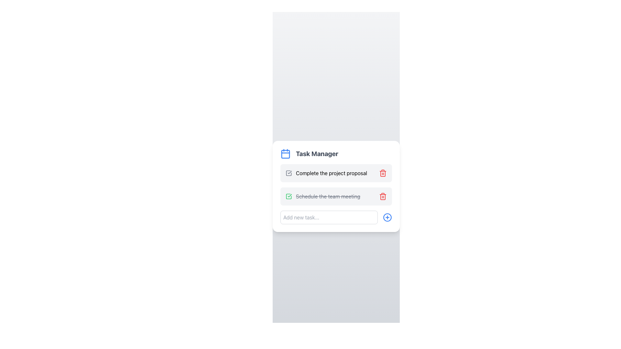 The width and height of the screenshot is (621, 349). I want to click on the Circular vector graphic located in the bottom-right corner of the task entry field in the 'Task Manager' card interface, so click(387, 217).